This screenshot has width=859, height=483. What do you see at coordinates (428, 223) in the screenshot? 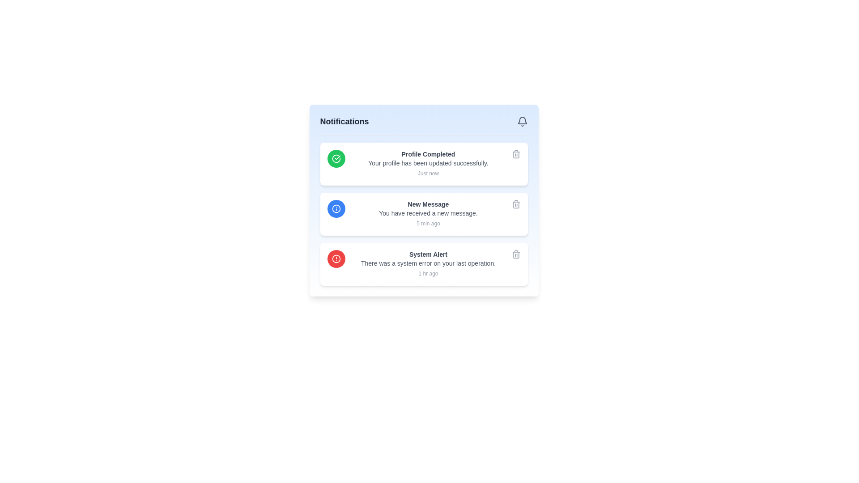
I see `the text label that indicates the time elapsed since the 'New Message' notification, located at the bottom right of the notification block for 'New Message.'` at bounding box center [428, 223].